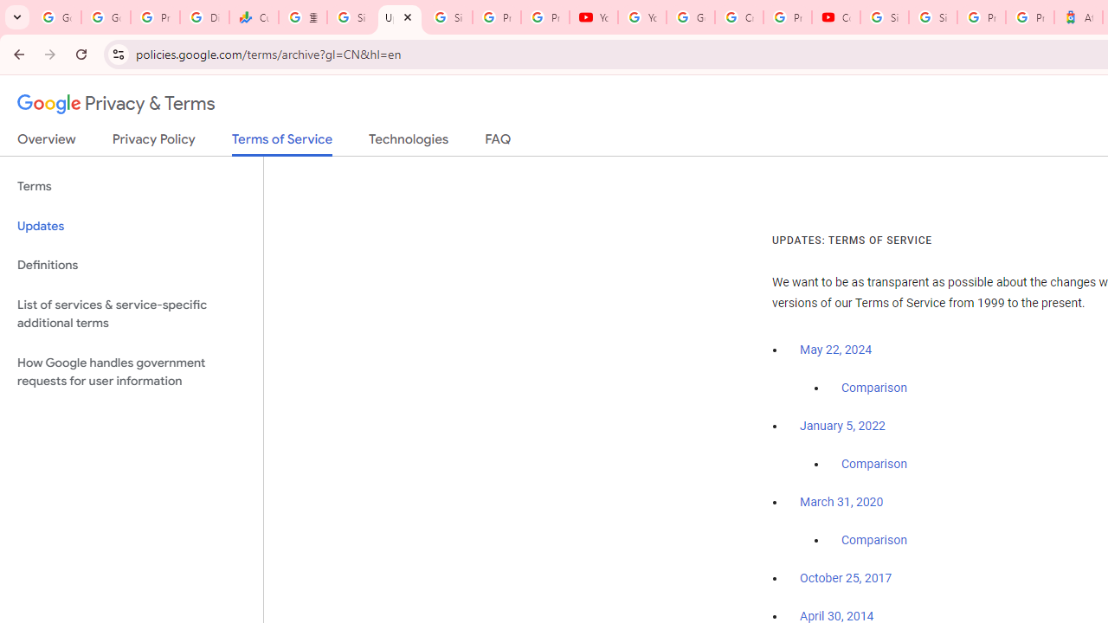  Describe the element at coordinates (47, 142) in the screenshot. I see `'Overview'` at that location.